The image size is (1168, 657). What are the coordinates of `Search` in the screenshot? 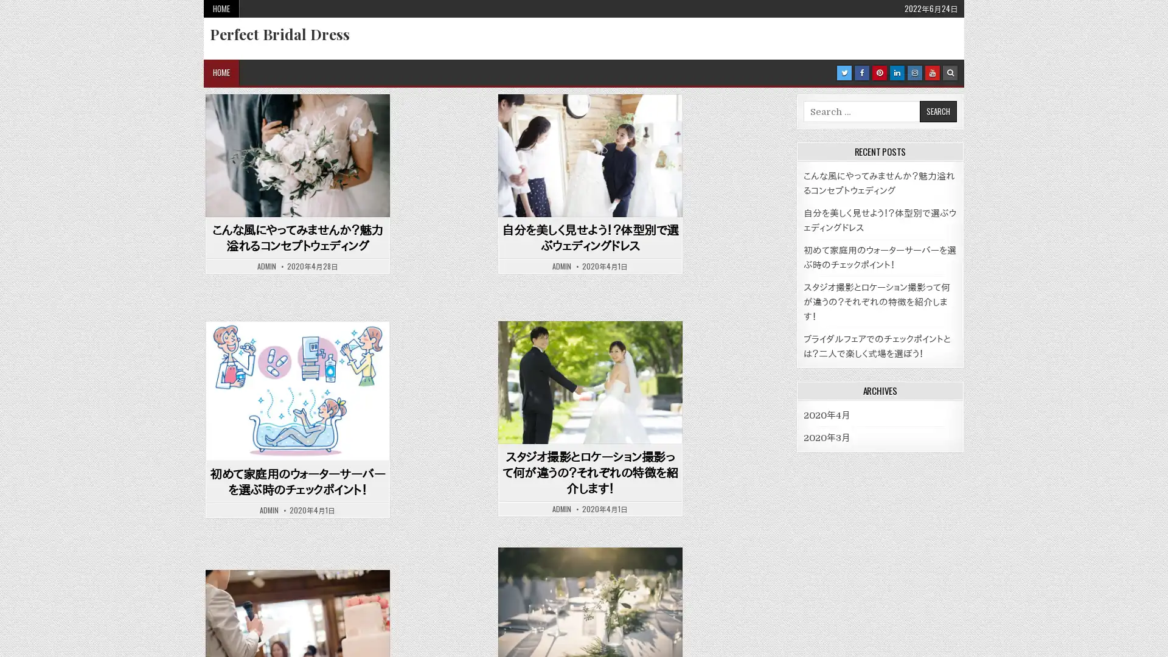 It's located at (921, 575).